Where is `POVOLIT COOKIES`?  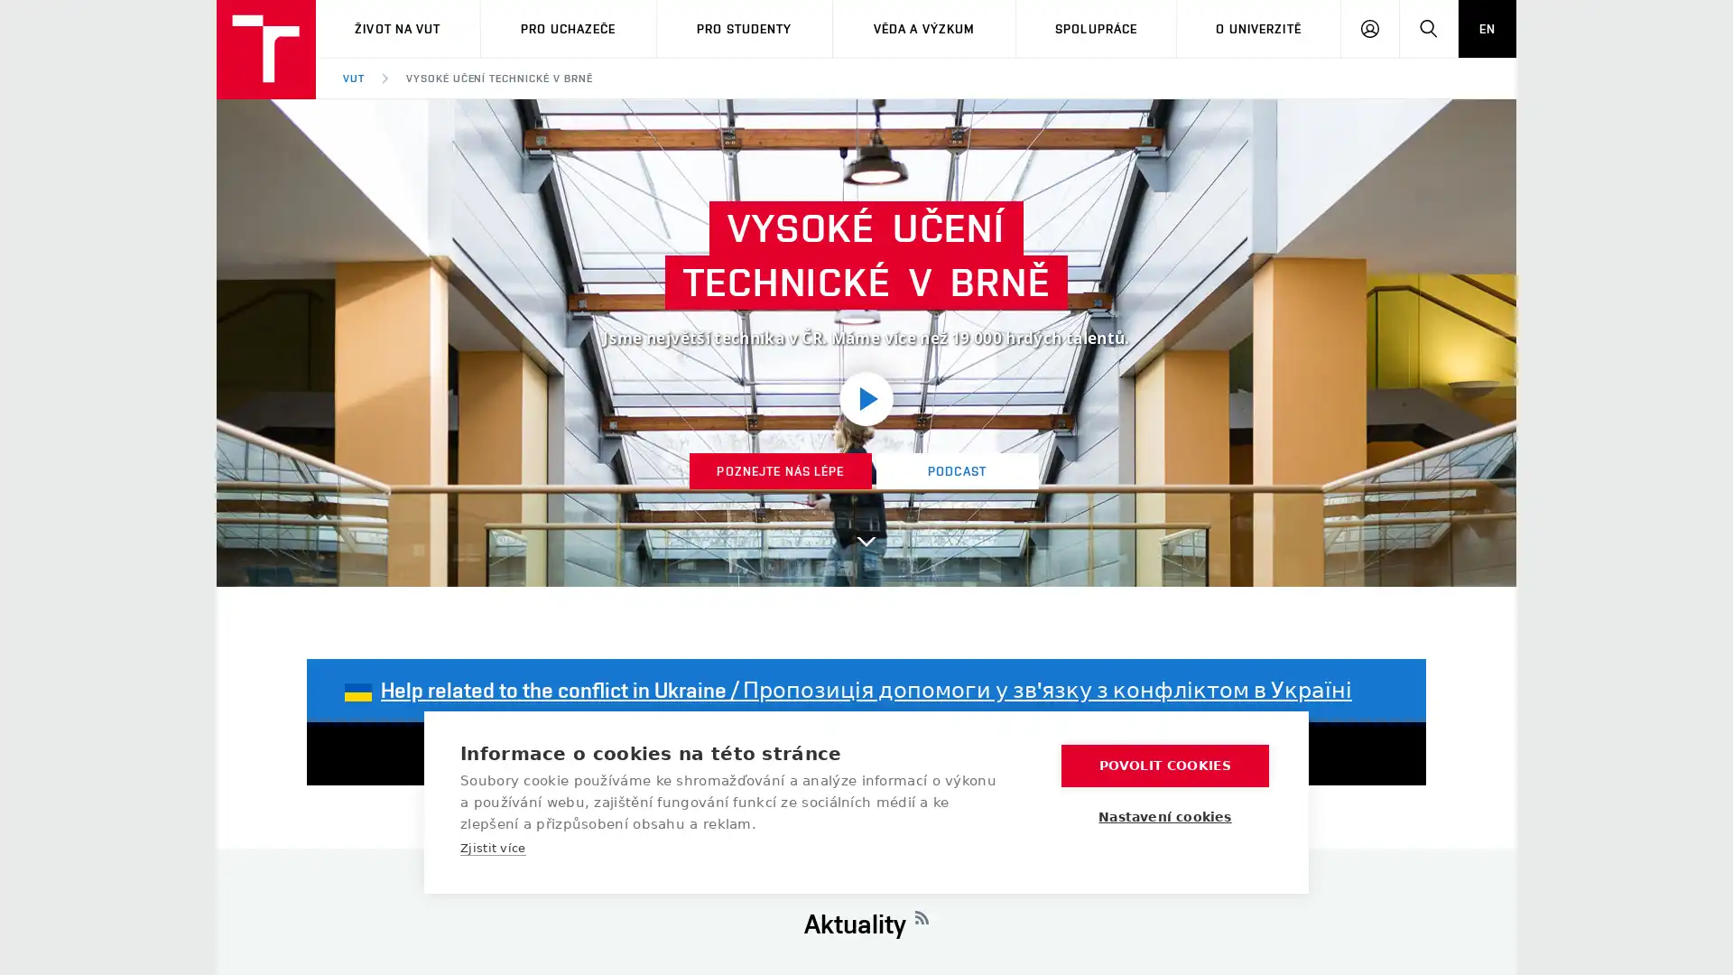
POVOLIT COOKIES is located at coordinates (1165, 766).